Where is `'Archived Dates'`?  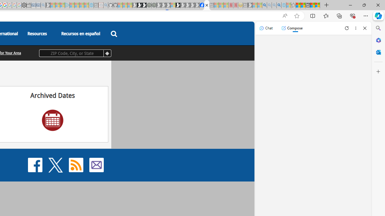
'Archived Dates' is located at coordinates (53, 120).